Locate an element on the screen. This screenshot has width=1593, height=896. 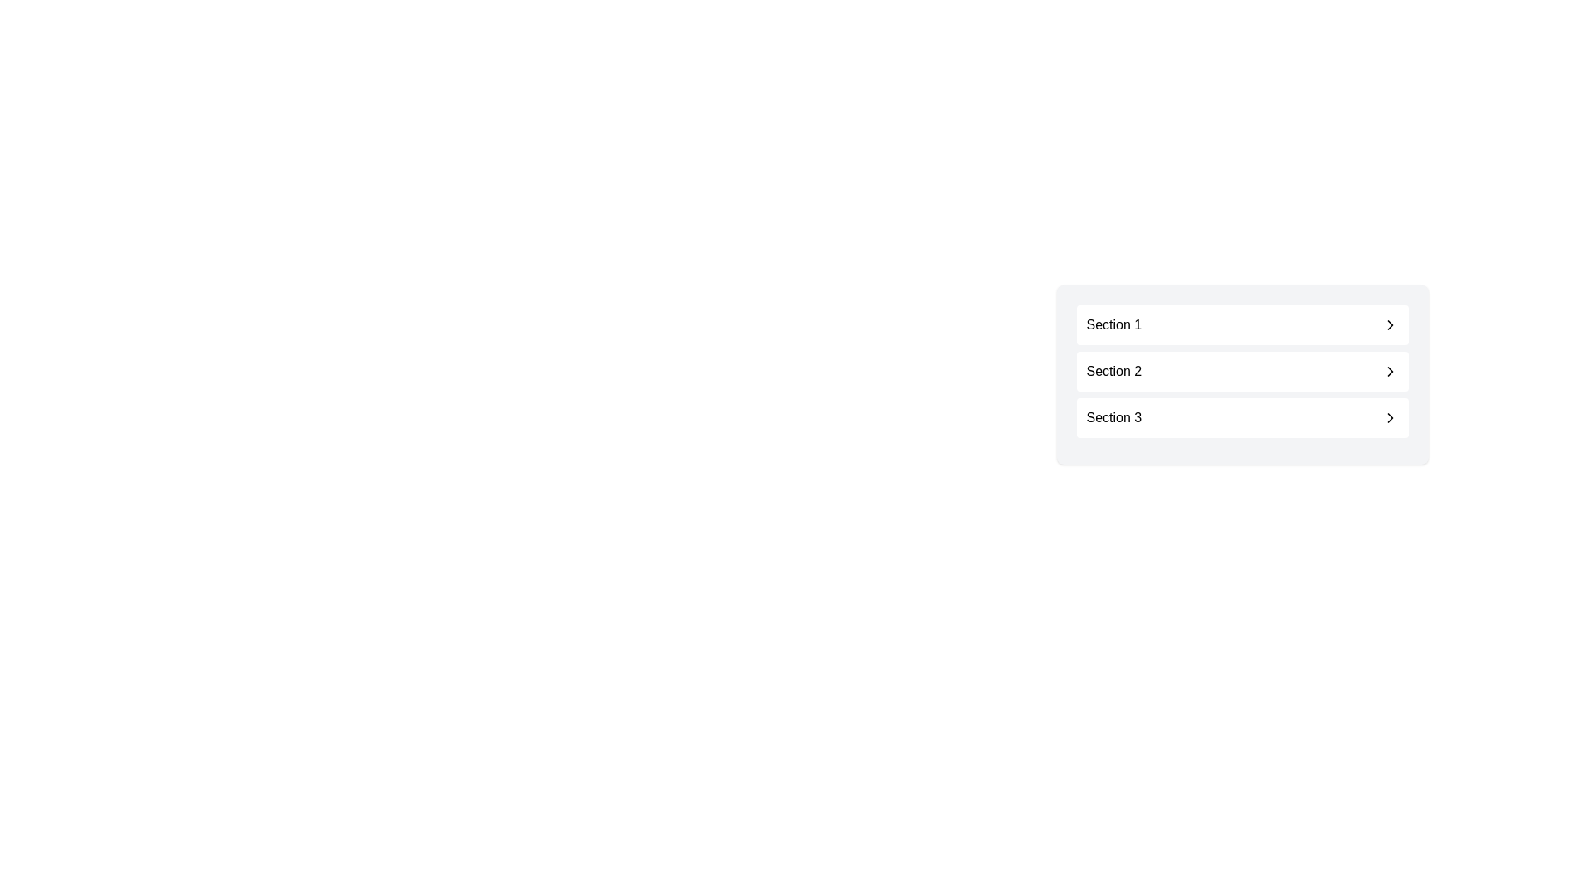
the small right-pointing chevron arrow icon located in the top-right corner of the 'Section 3' box is located at coordinates (1390, 417).